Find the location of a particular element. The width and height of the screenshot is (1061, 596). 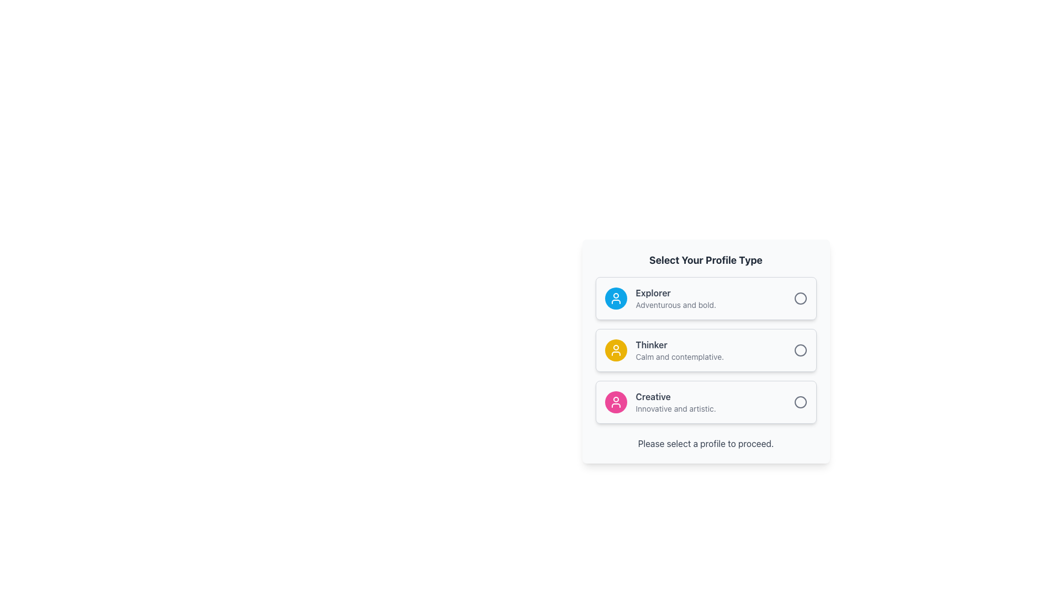

the third selection option labeled 'Creative' with a pink circular icon and a radio button is located at coordinates (705, 402).